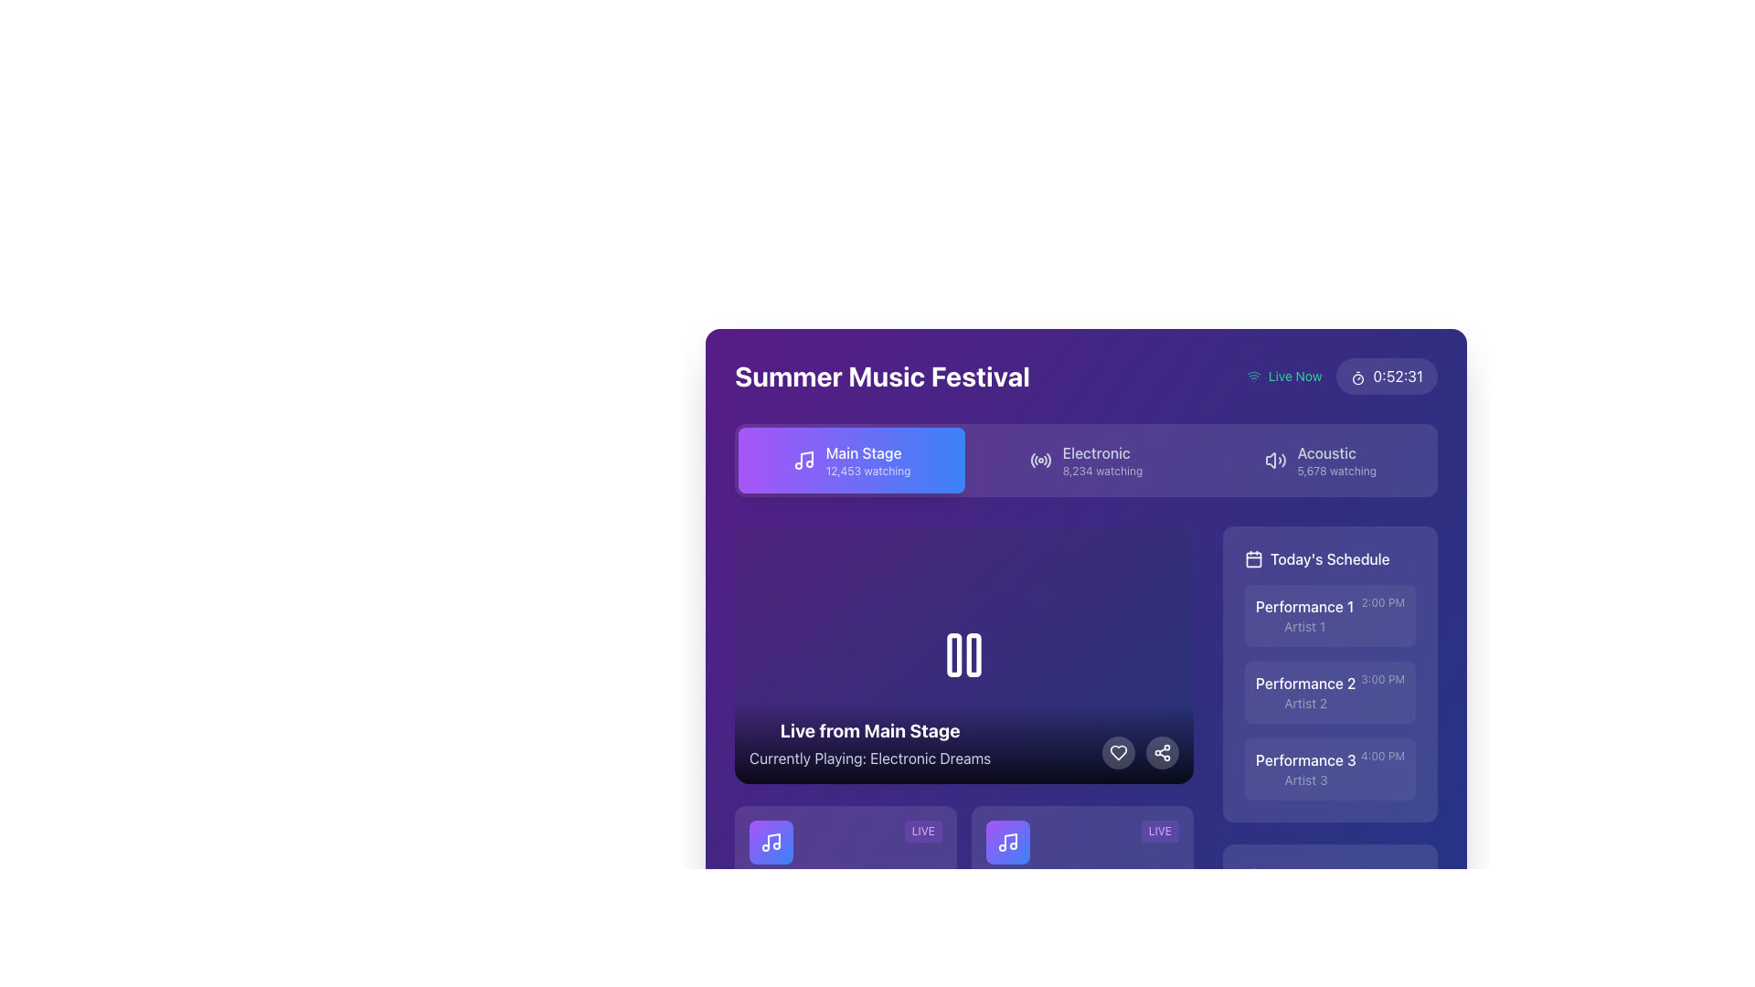 This screenshot has width=1755, height=987. Describe the element at coordinates (1304, 703) in the screenshot. I see `the Text Label indicating the artist associated with 'Performance 2' located in the 'Today's Schedule' section` at that location.